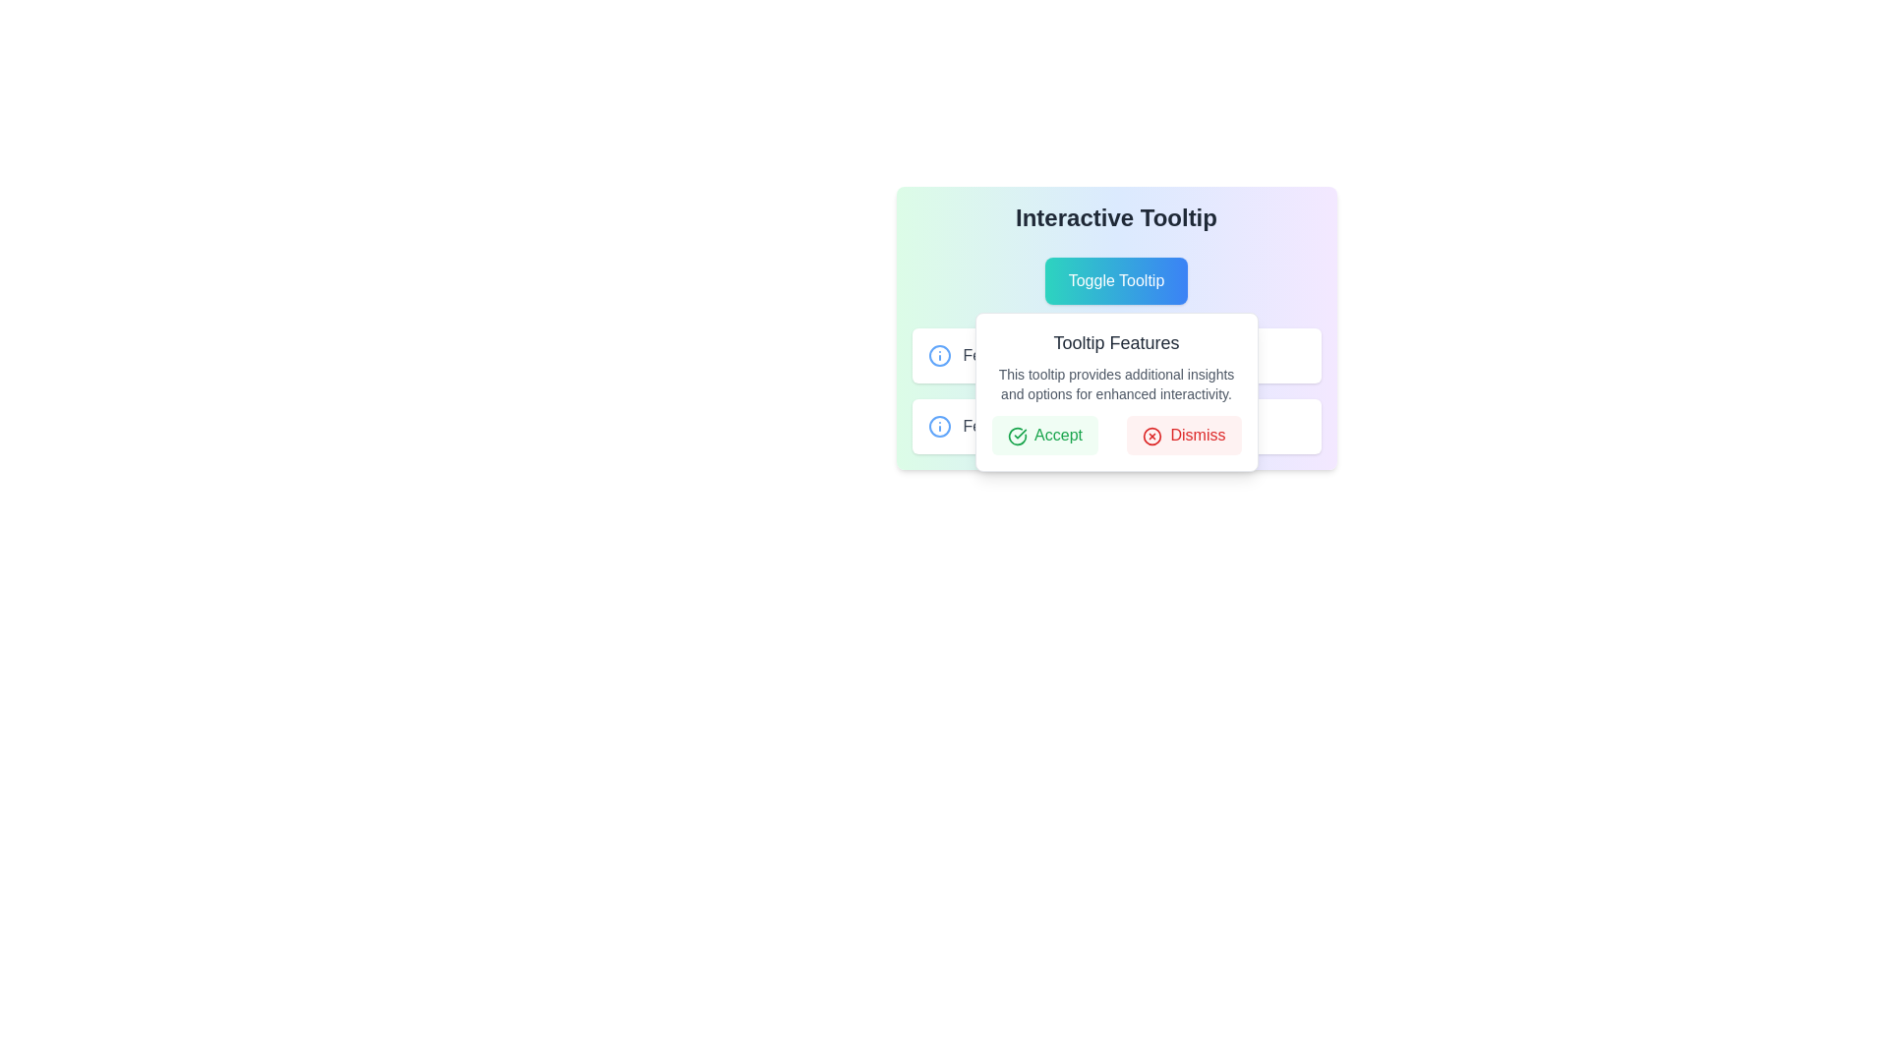 Image resolution: width=1888 pixels, height=1062 pixels. I want to click on the circular part of the informational icon characterized by a thin blue stroke and a white fill to gather context, so click(938, 426).